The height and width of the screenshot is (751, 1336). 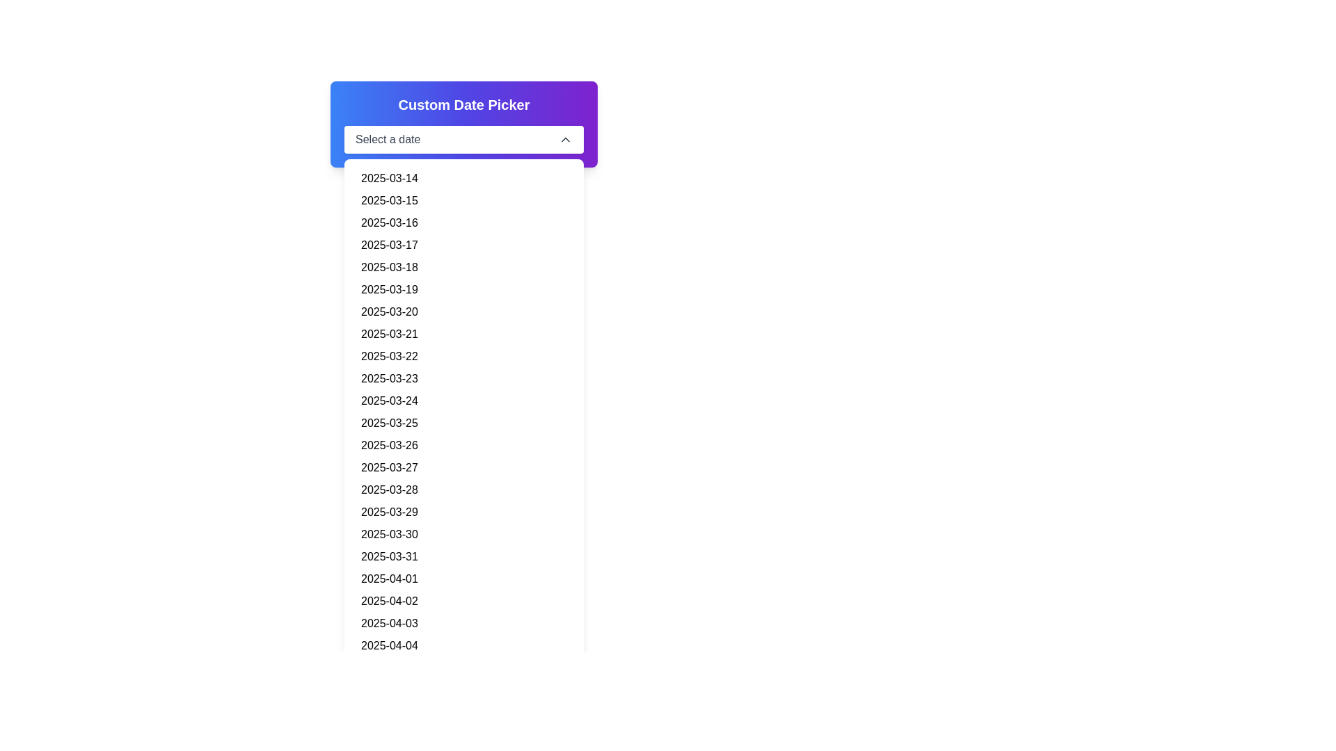 What do you see at coordinates (464, 201) in the screenshot?
I see `the second item in the 'Custom Date Picker' dropdown menu` at bounding box center [464, 201].